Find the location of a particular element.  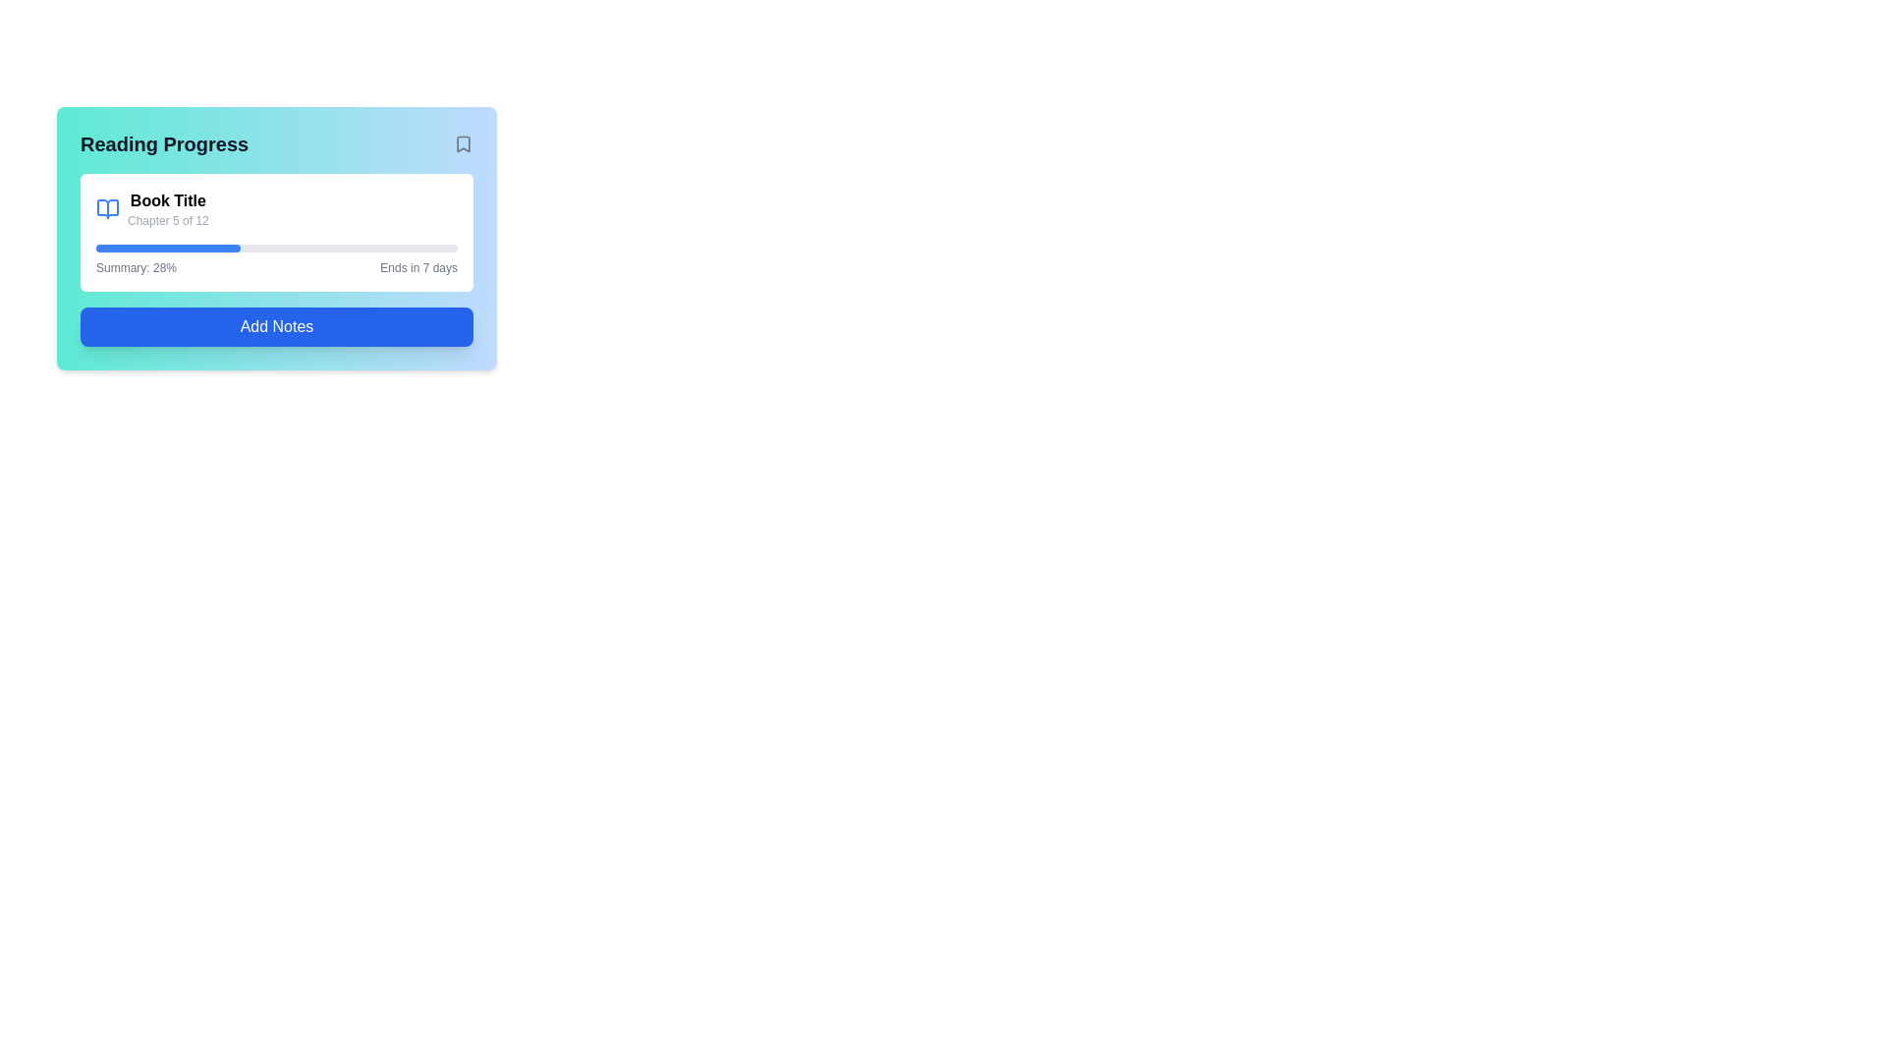

the blue rectangular button labeled 'Add Notes' located at the bottom of the card interface is located at coordinates (276, 325).